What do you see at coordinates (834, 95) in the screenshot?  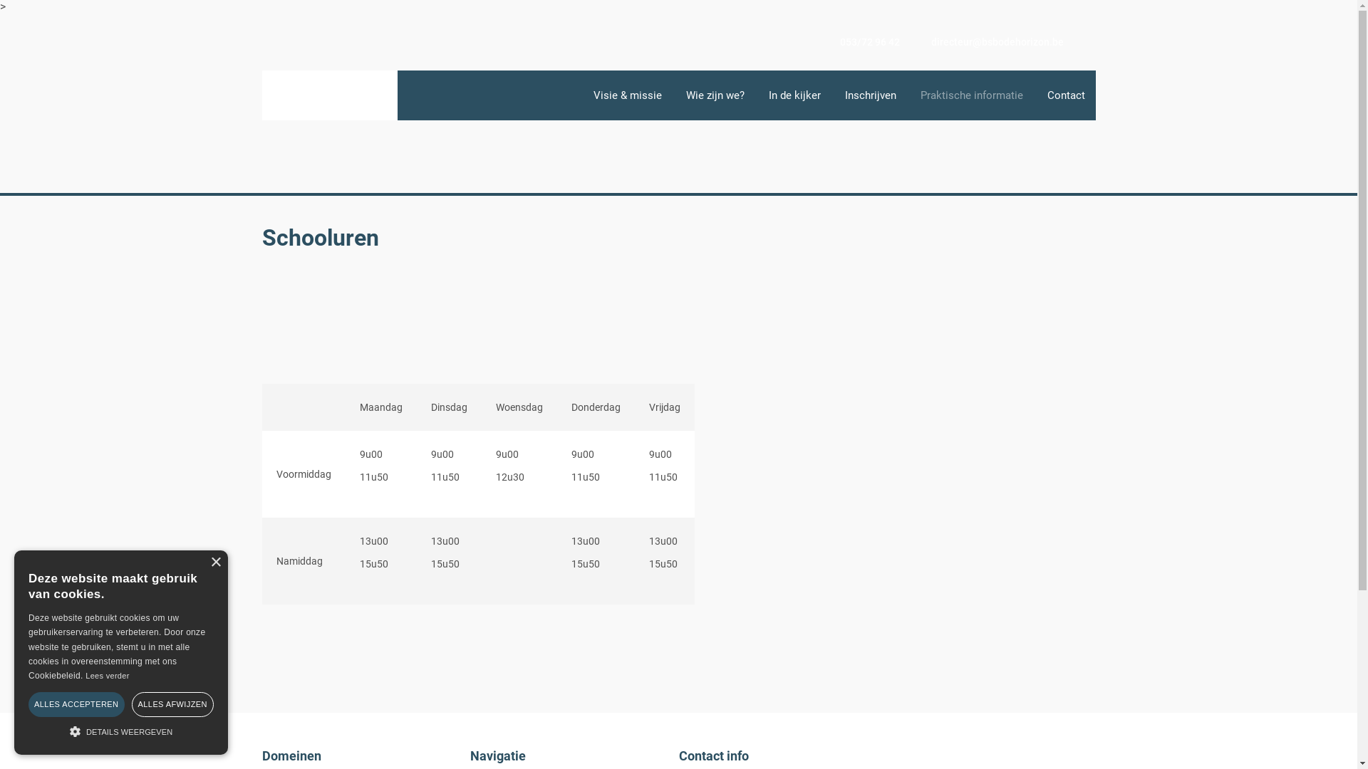 I see `'Inschrijven'` at bounding box center [834, 95].